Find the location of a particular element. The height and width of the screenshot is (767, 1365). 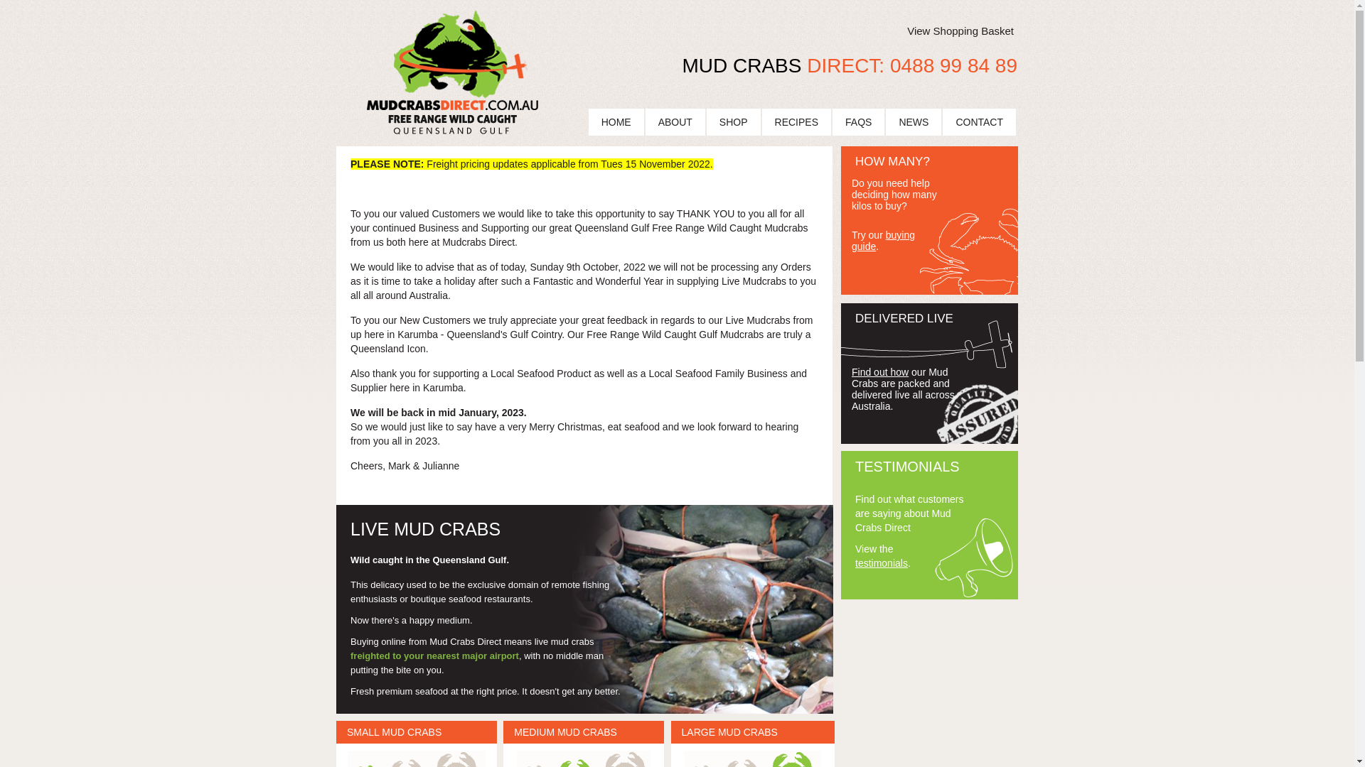

'HOME' is located at coordinates (616, 121).